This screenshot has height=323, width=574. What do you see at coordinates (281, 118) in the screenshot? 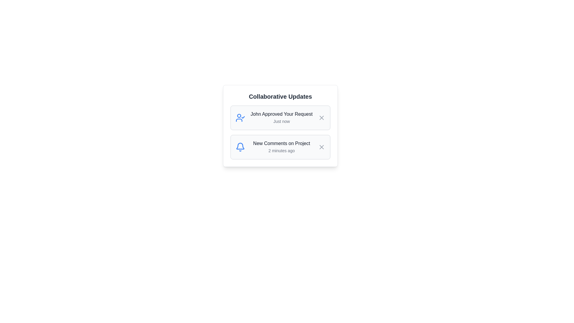
I see `the notification message indicating that John has approved the user's request, located in the 'Collaborative Updates' section of the top notification card` at bounding box center [281, 118].